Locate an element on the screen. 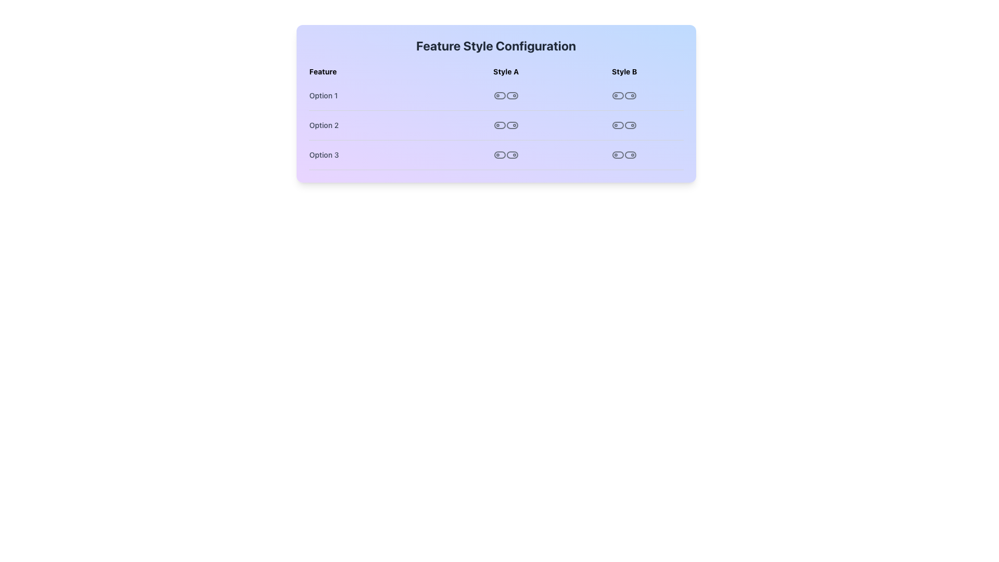 This screenshot has width=999, height=562. the toggle switch located in the 'Style B' column for 'Option 1' to change its state is located at coordinates (624, 96).